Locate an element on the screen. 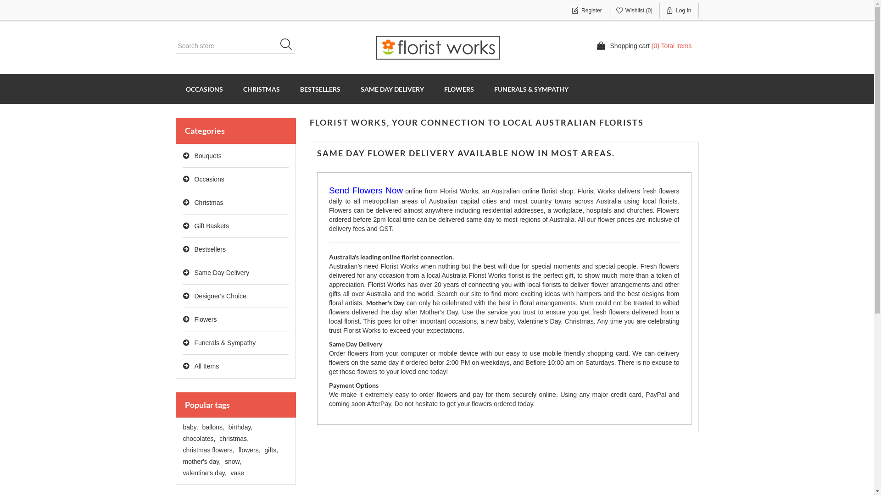  'Register' is located at coordinates (586, 11).